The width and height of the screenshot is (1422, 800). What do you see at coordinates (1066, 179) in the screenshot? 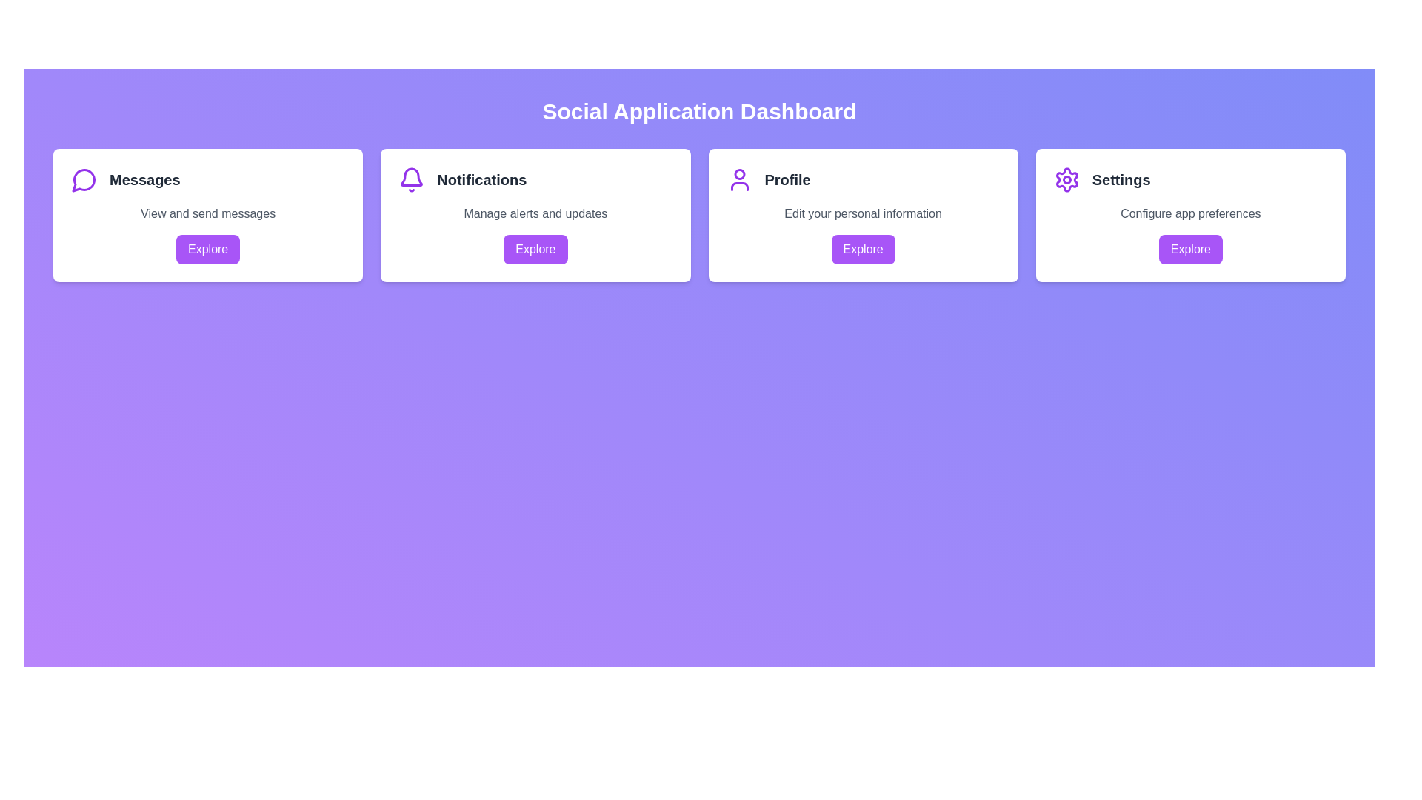
I see `the cogwheel icon representing 'Settings' located in the fourth card of the horizontal row of cards` at bounding box center [1066, 179].